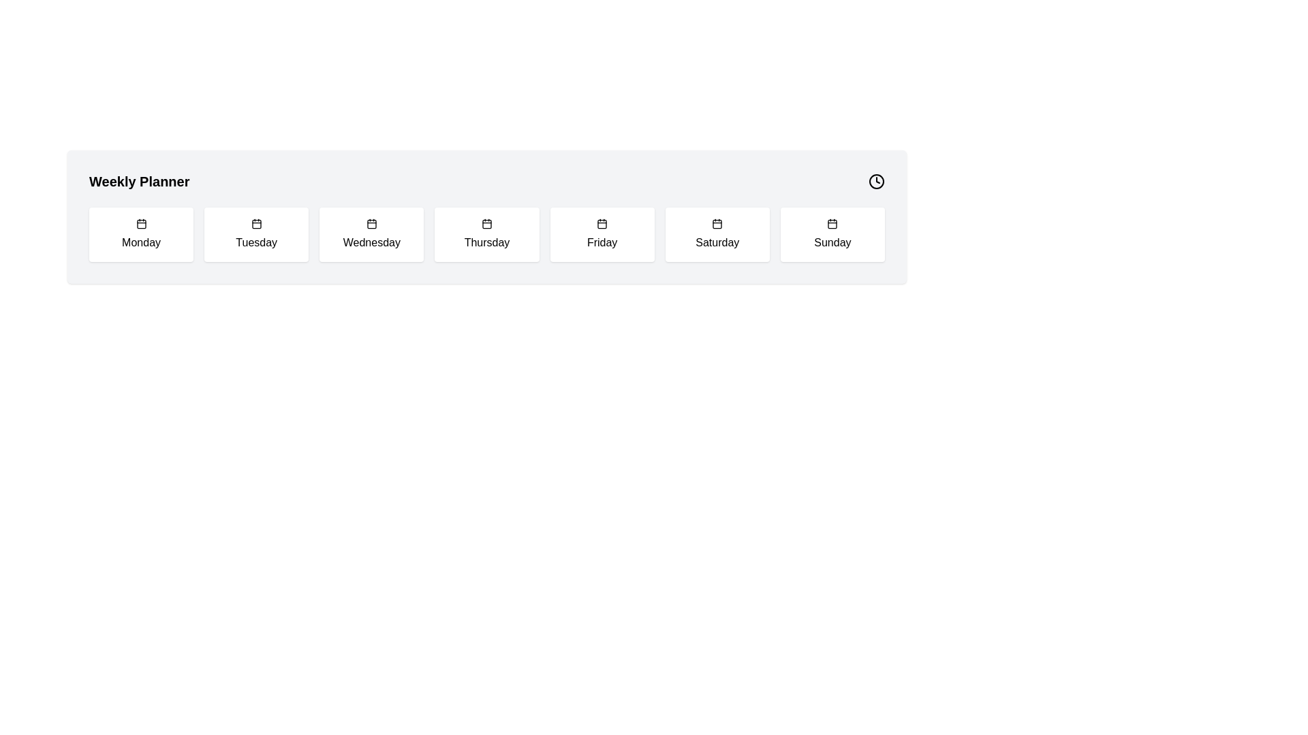  Describe the element at coordinates (832, 233) in the screenshot. I see `the 'Sunday' button located at the bottom-right of the Weekly Planner` at that location.